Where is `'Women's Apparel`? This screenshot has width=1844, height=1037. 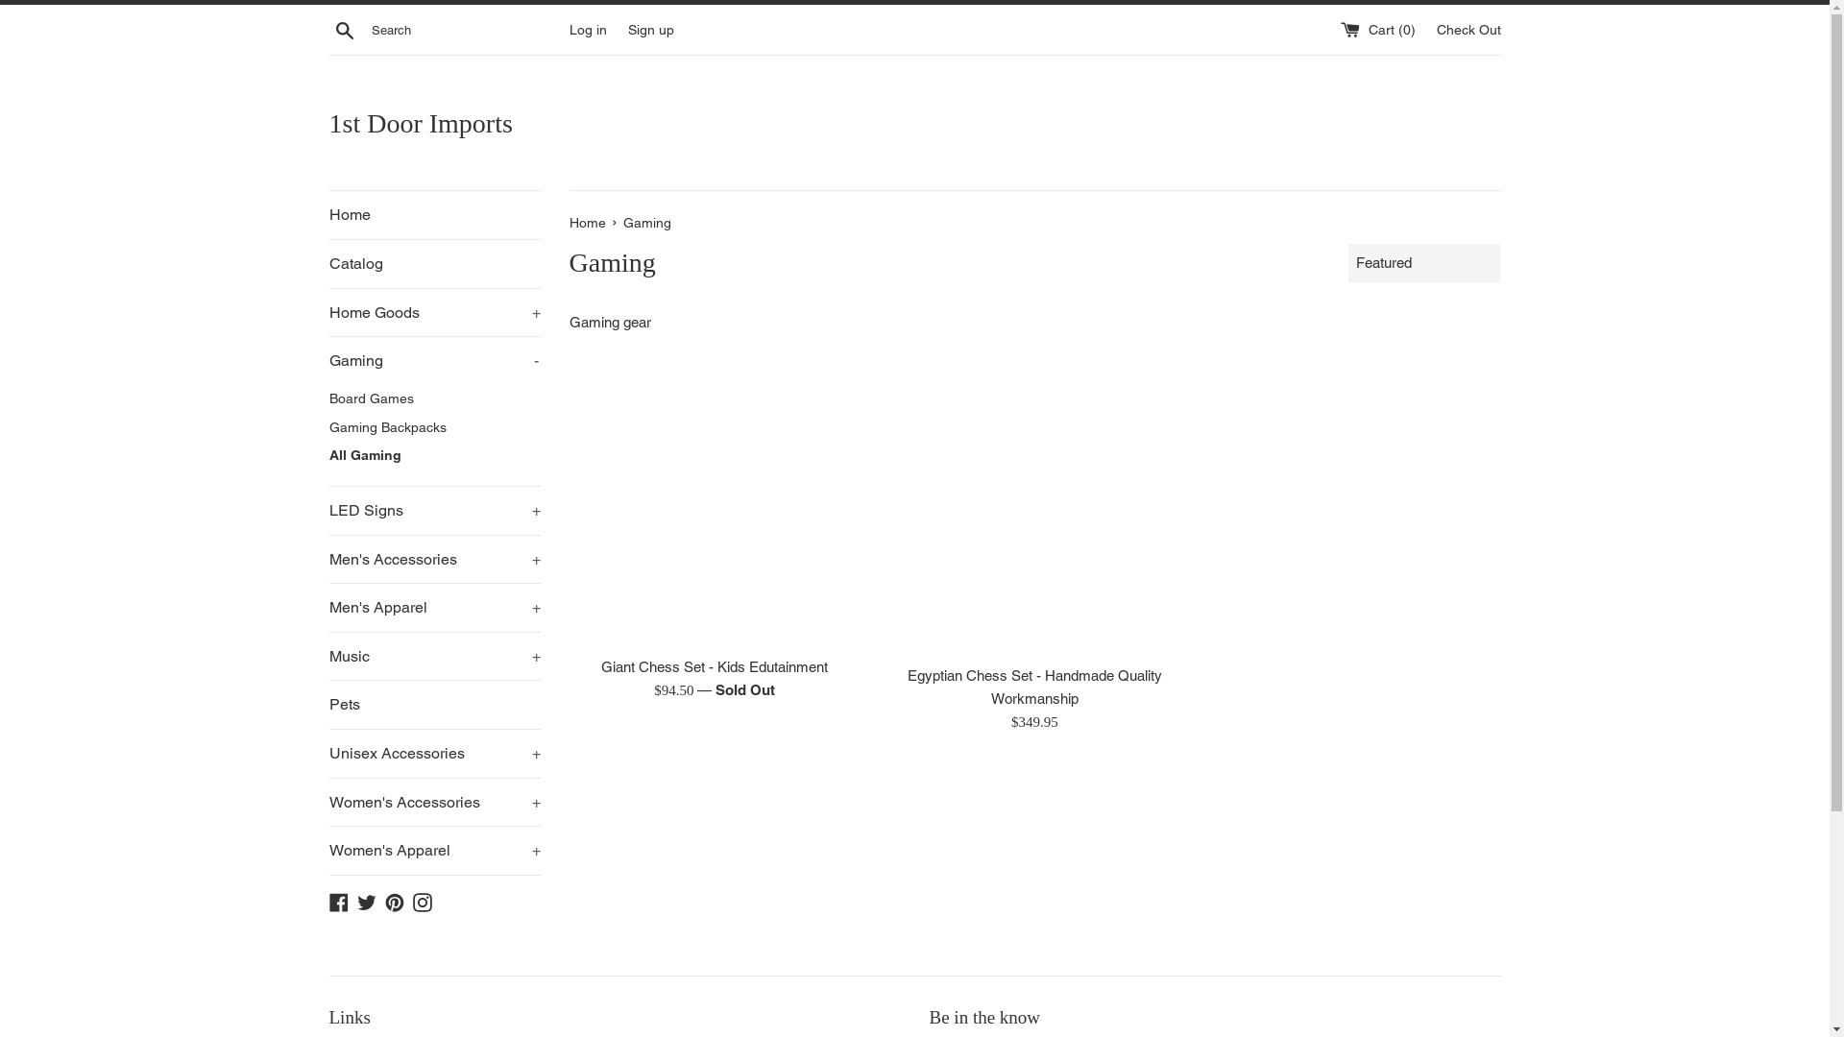
'Women's Apparel is located at coordinates (432, 850).